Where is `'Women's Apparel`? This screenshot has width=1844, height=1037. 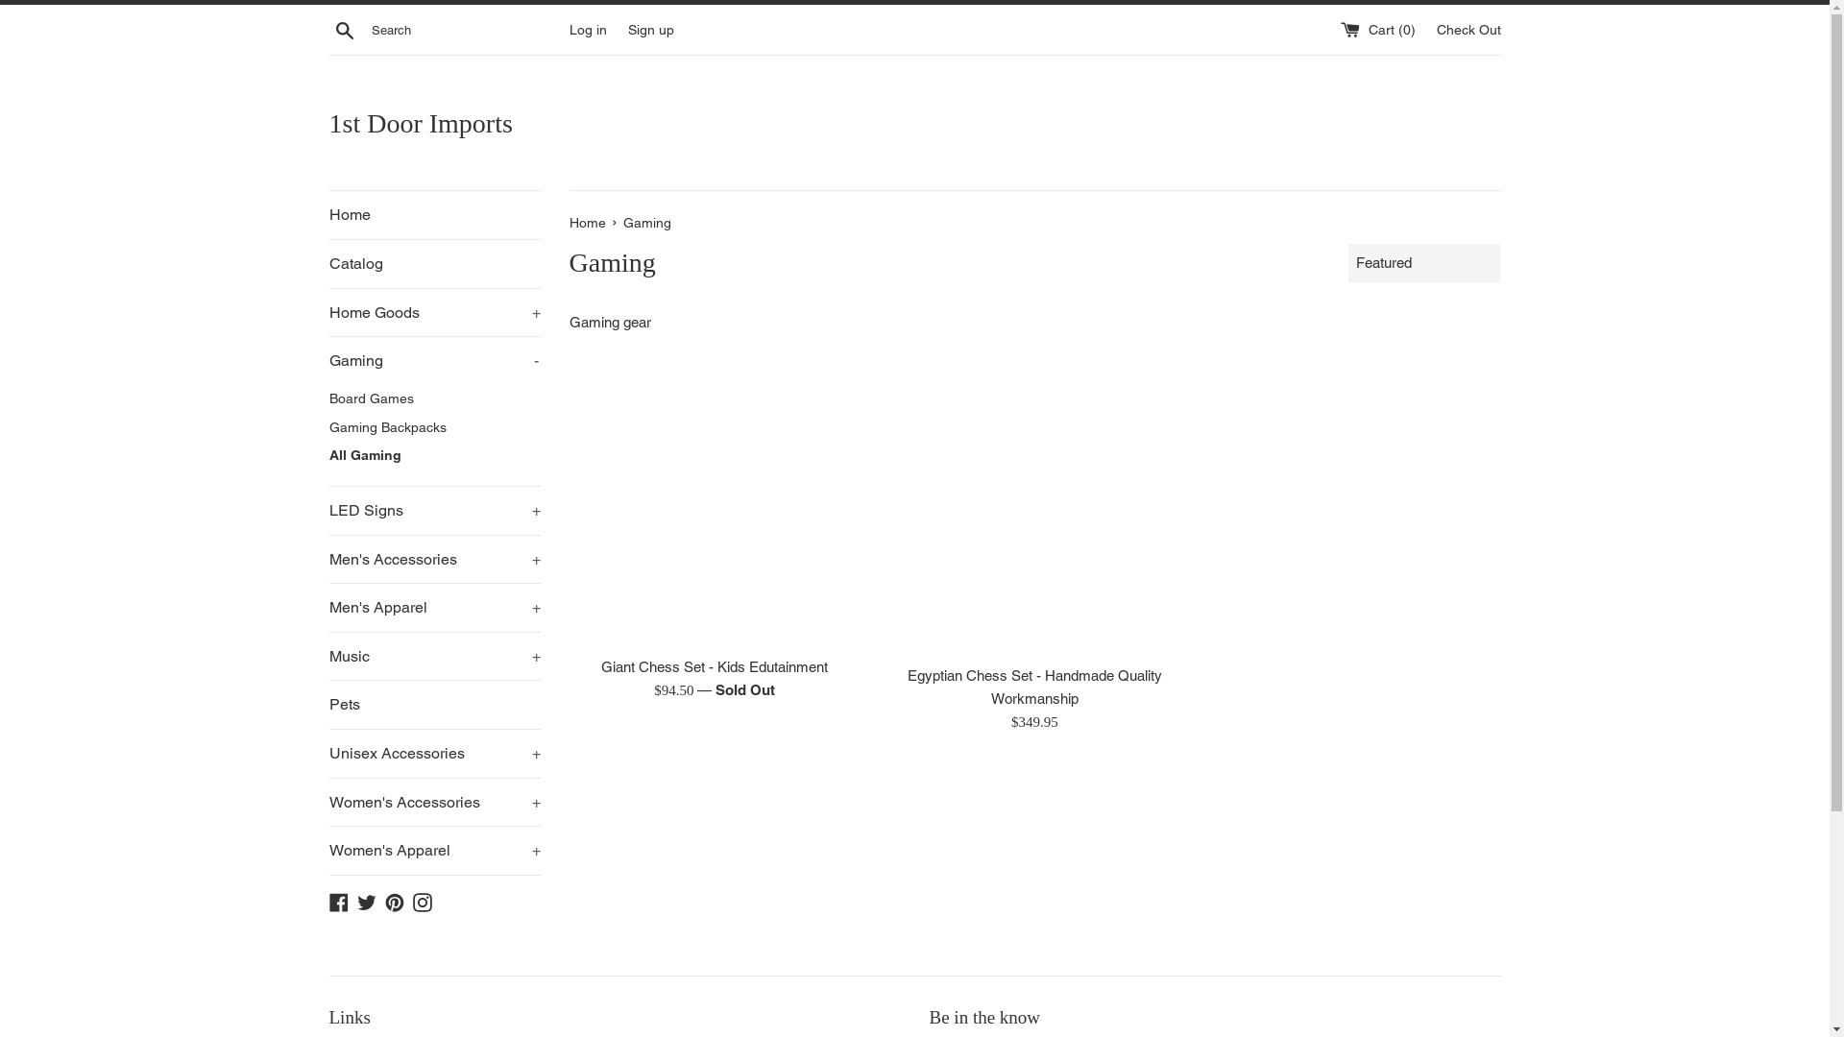
'Women's Apparel is located at coordinates (432, 850).